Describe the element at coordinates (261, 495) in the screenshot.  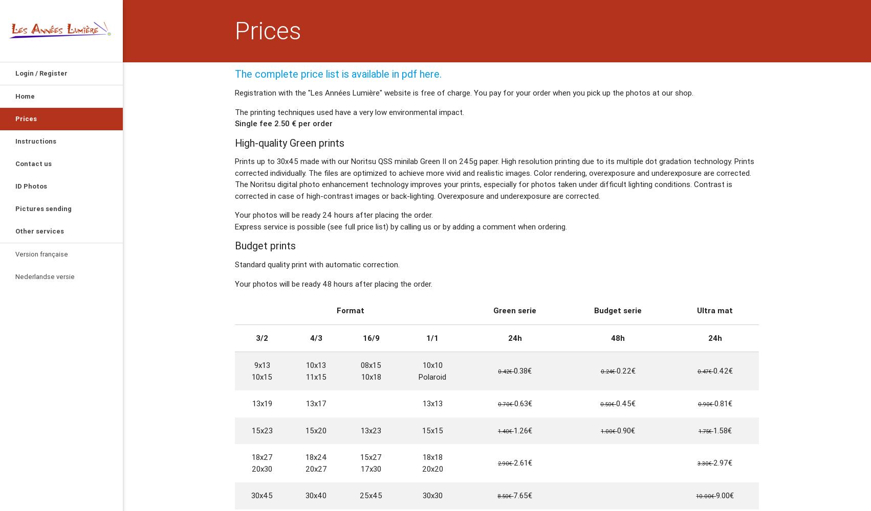
I see `'30x45'` at that location.